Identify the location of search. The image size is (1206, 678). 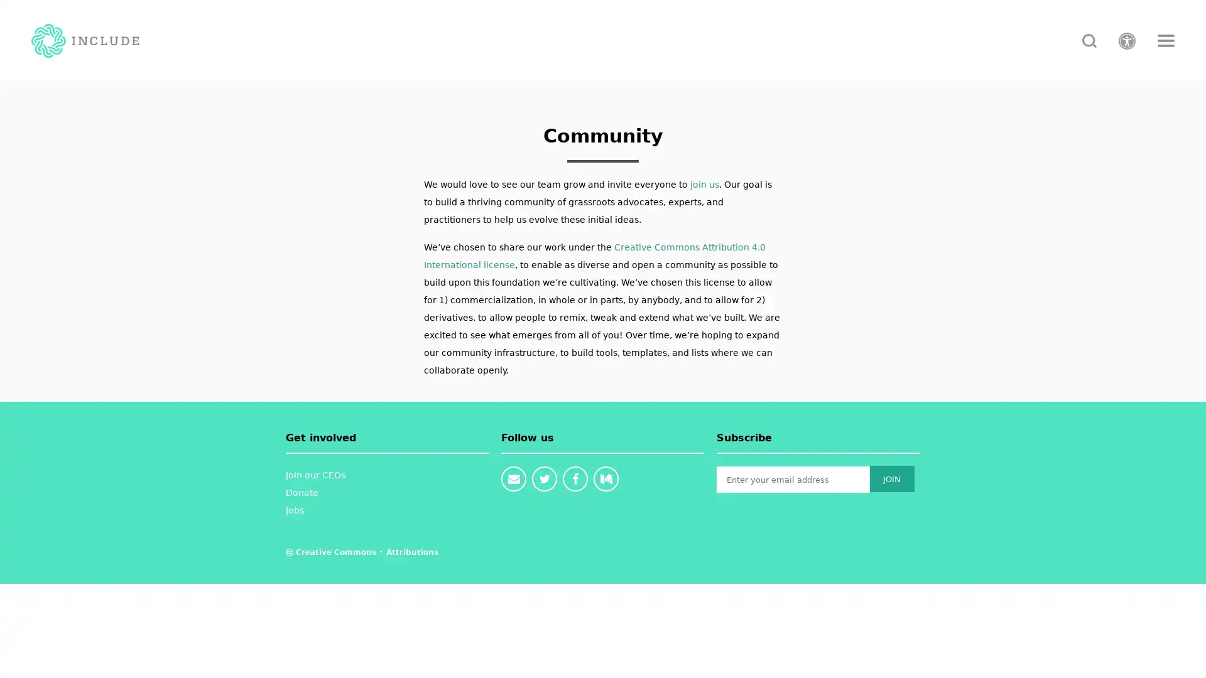
(1089, 40).